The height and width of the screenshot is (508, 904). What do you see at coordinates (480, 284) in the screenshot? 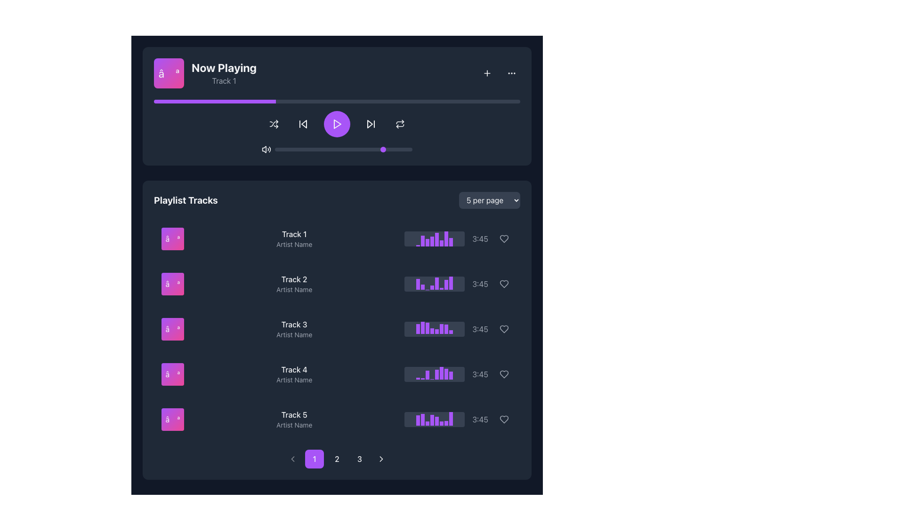
I see `the second '3:45' text label in the playlist, which indicates the duration of Track 2, located next to the graphical sound representation` at bounding box center [480, 284].